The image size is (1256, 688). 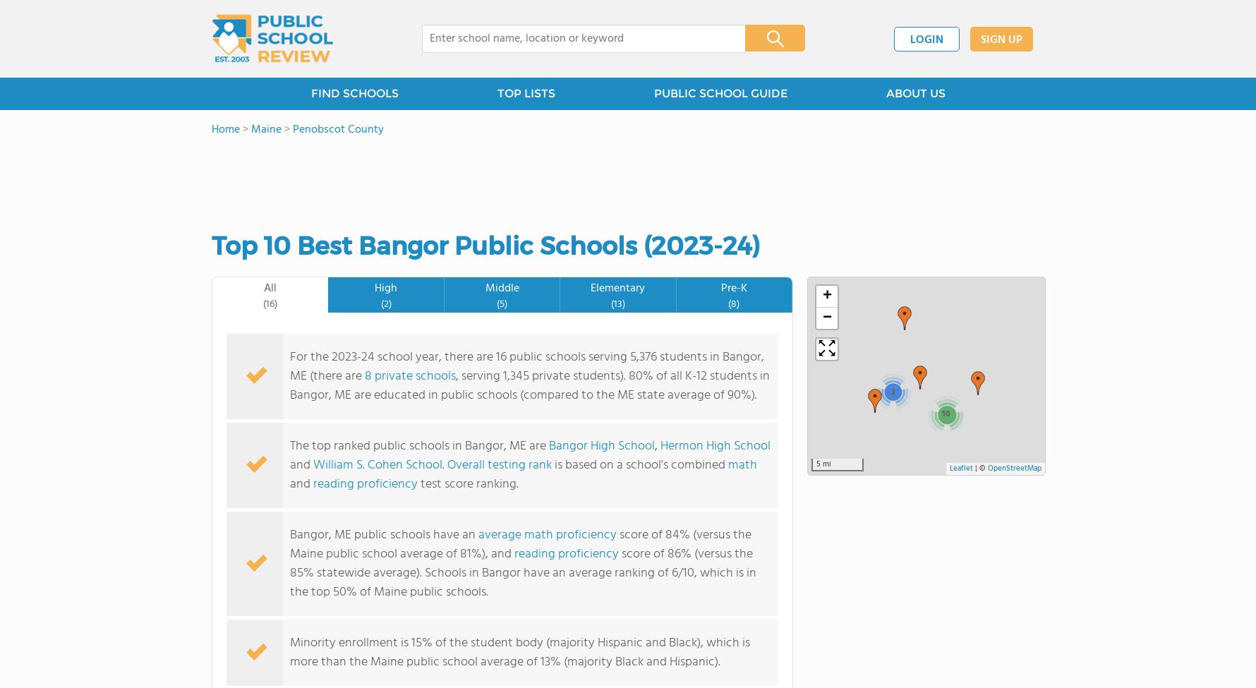 What do you see at coordinates (654, 49) in the screenshot?
I see `'PK-3'` at bounding box center [654, 49].